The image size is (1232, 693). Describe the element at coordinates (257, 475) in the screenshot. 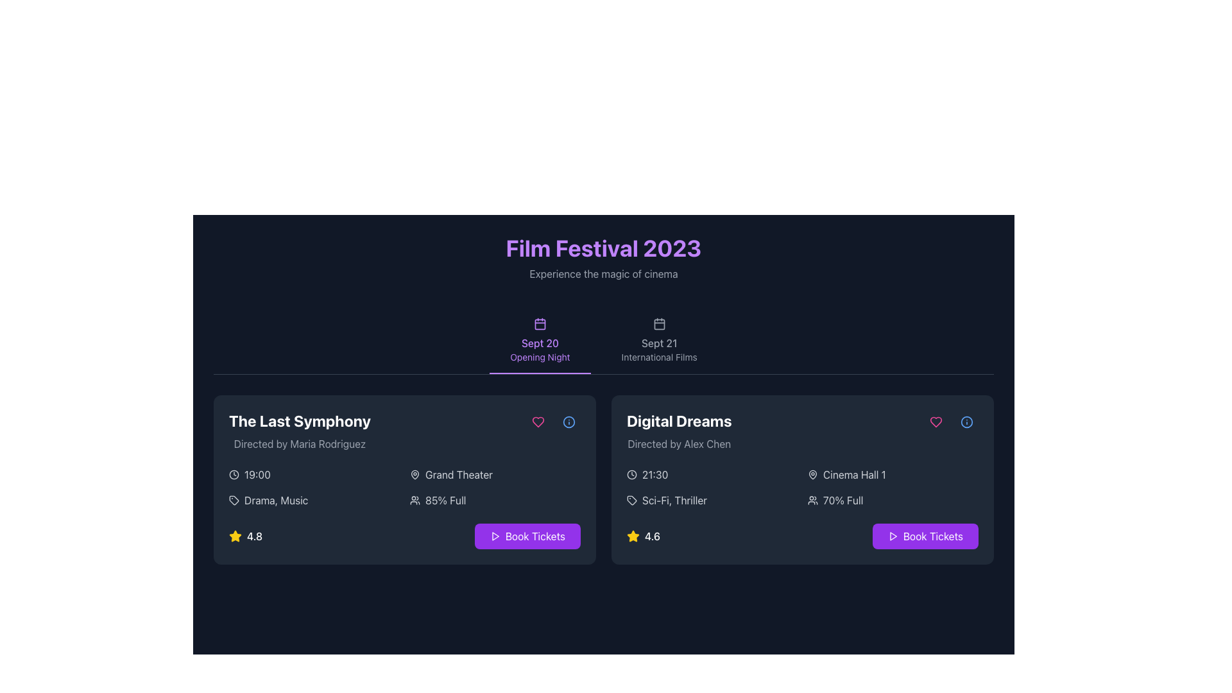

I see `text element displaying '19:00' which is located within a dark rectangular card, positioned to the left of 'Grand Theater' and beneath 'The Last Symphony'` at that location.